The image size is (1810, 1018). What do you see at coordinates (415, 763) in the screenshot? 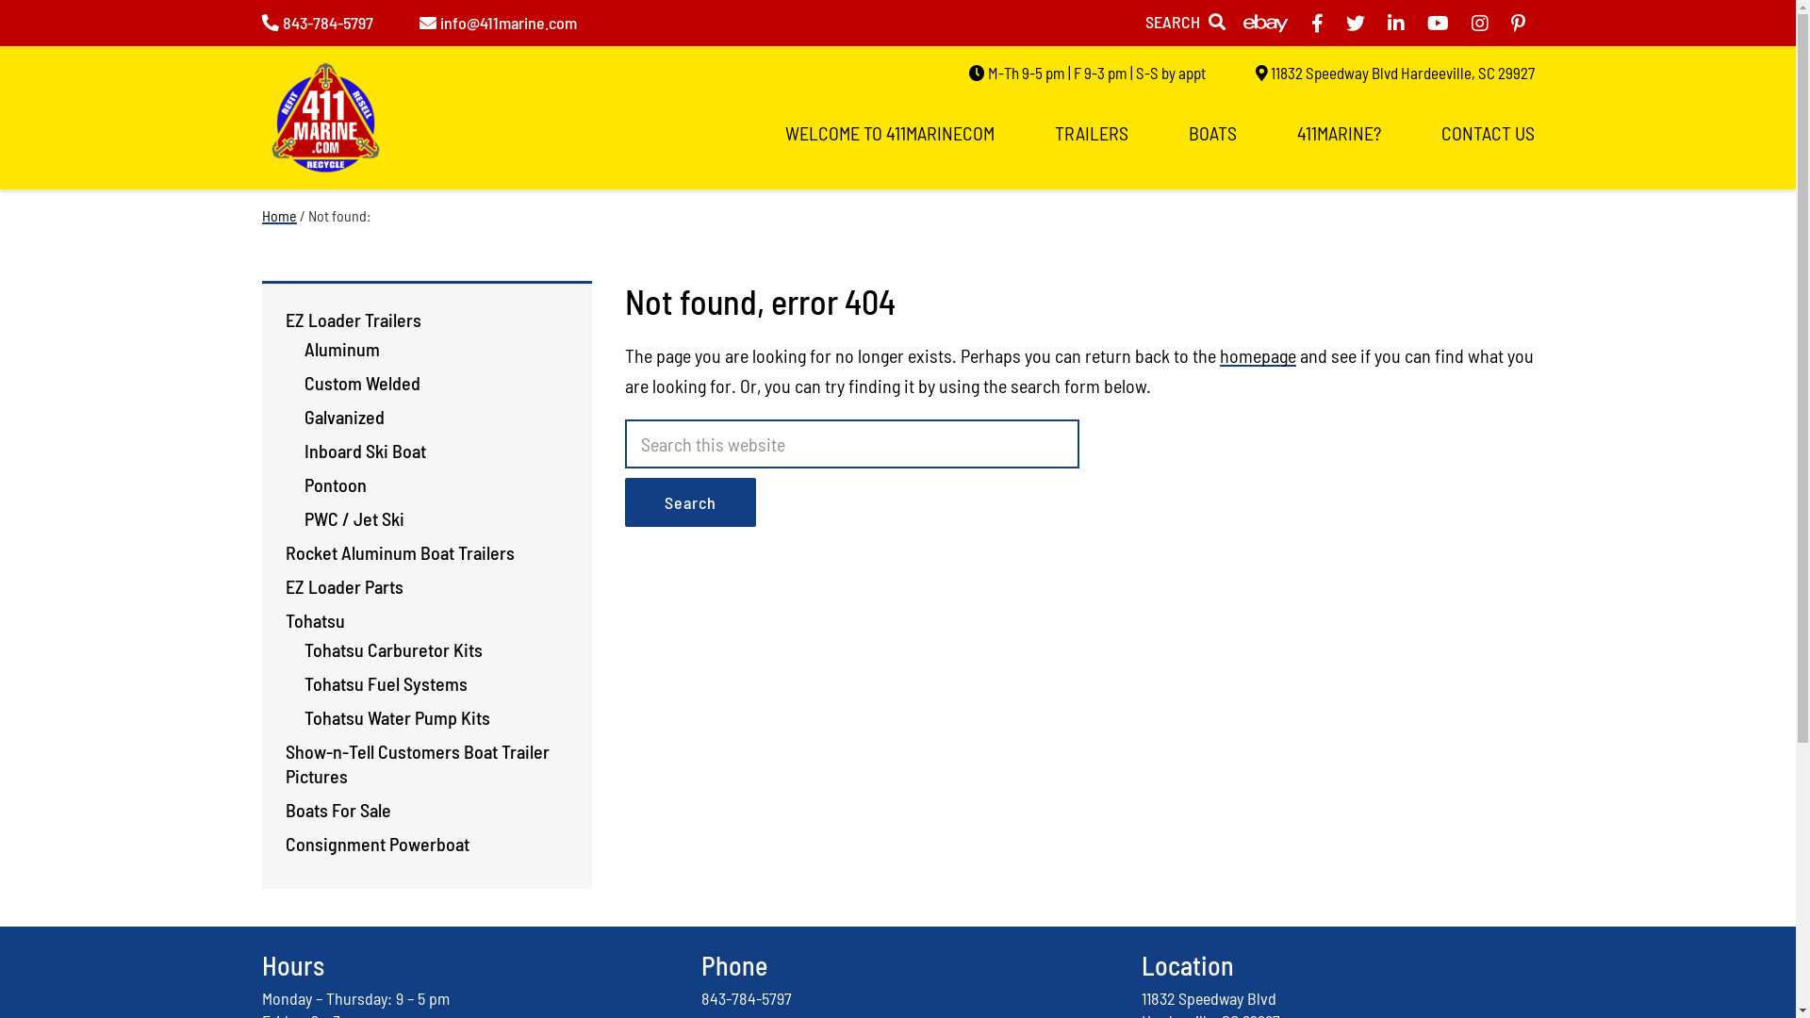
I see `'Show-n-Tell Customers Boat Trailer Pictures'` at bounding box center [415, 763].